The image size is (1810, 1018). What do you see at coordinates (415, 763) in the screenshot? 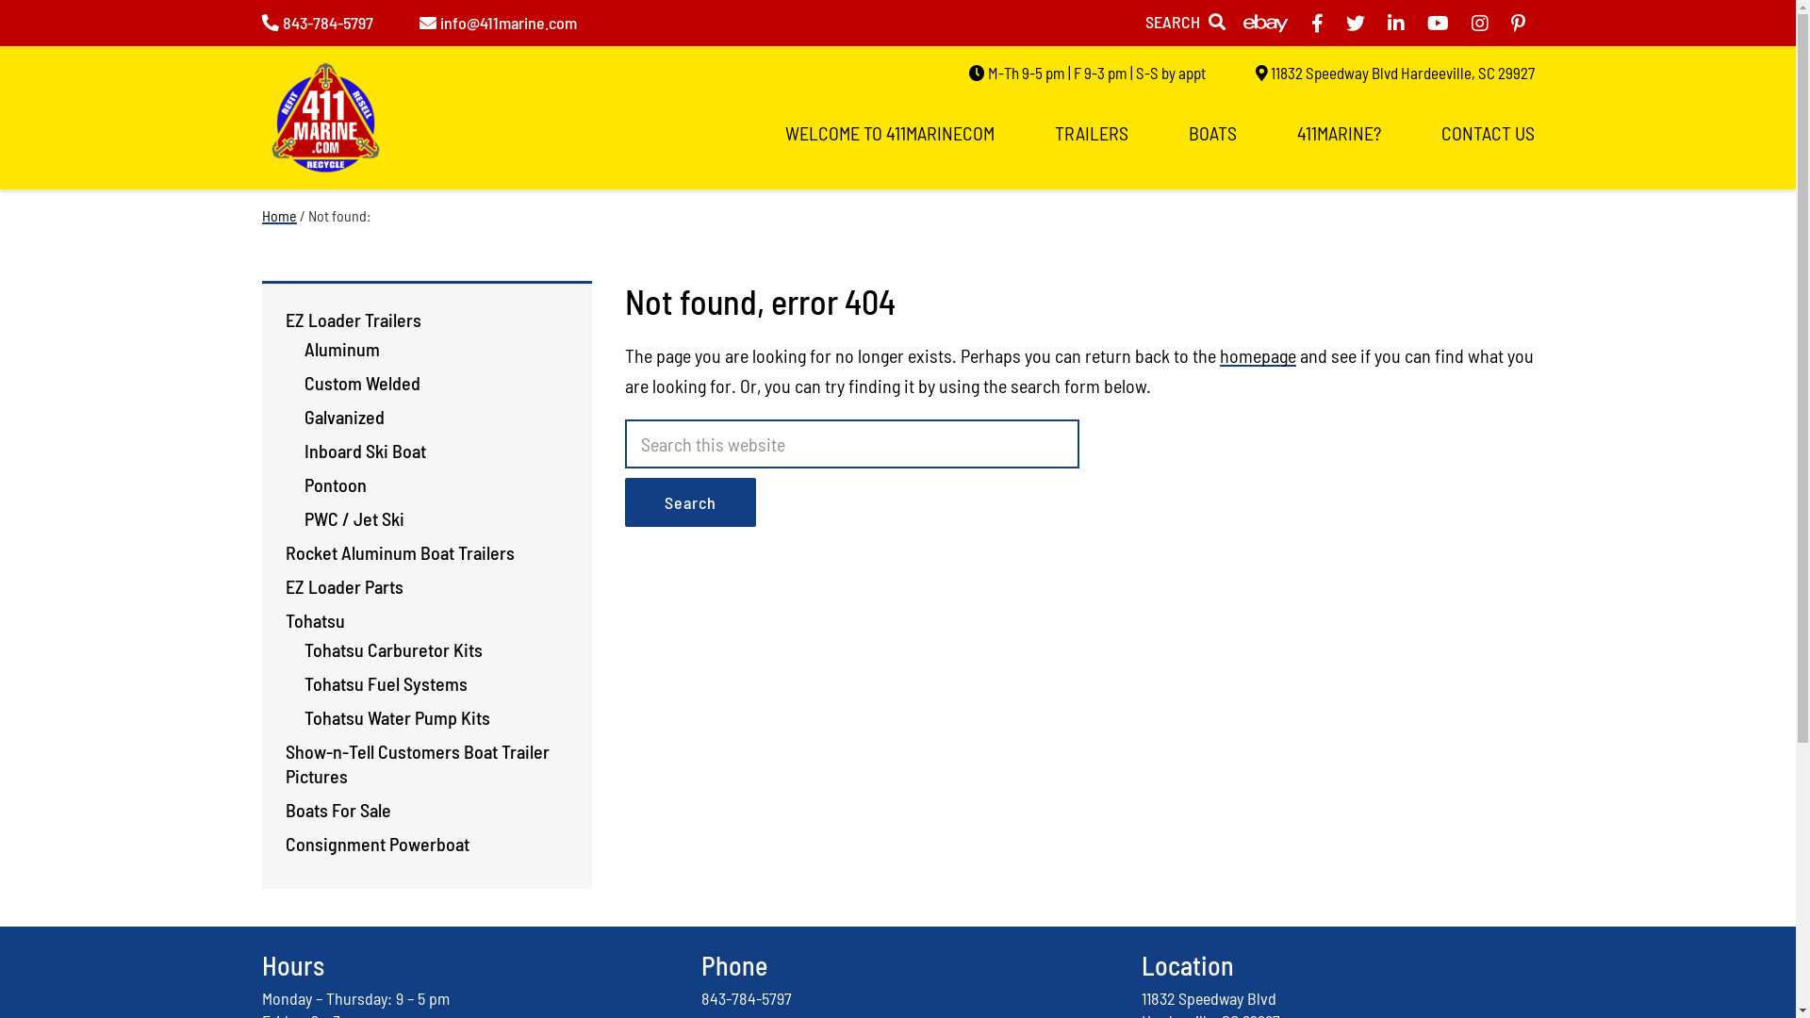
I see `'Show-n-Tell Customers Boat Trailer Pictures'` at bounding box center [415, 763].